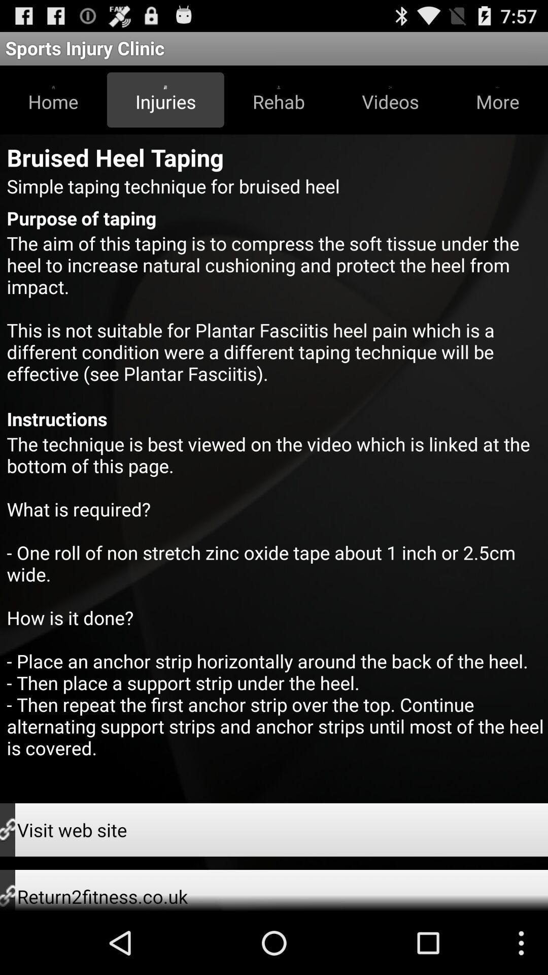  Describe the element at coordinates (390, 100) in the screenshot. I see `the videos icon` at that location.